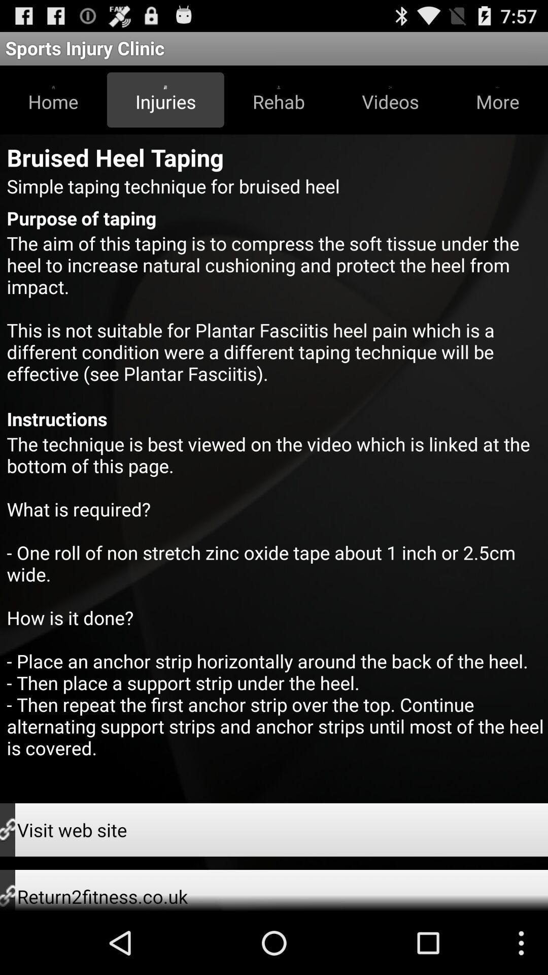  Describe the element at coordinates (390, 100) in the screenshot. I see `the videos icon` at that location.